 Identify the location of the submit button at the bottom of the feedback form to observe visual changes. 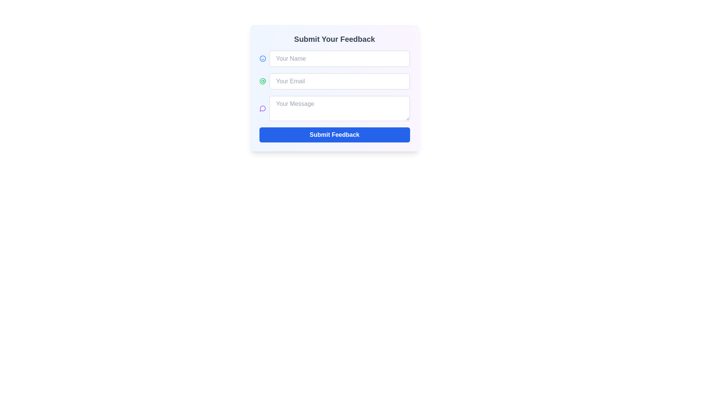
(334, 135).